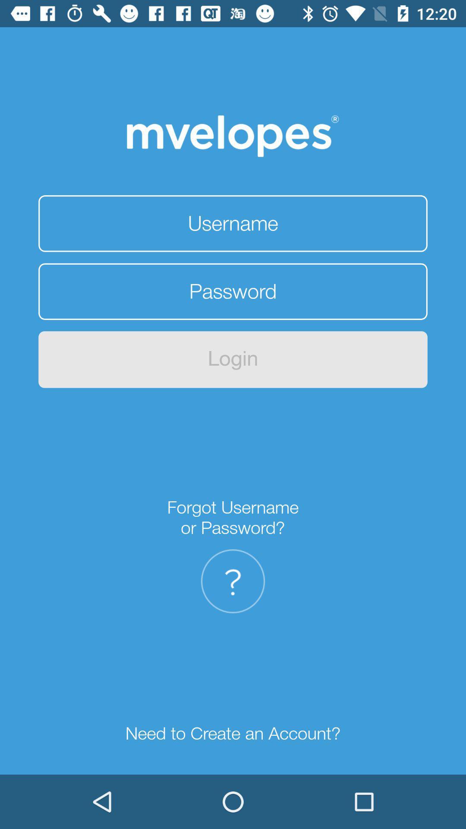 Image resolution: width=466 pixels, height=829 pixels. Describe the element at coordinates (233, 518) in the screenshot. I see `the forgot username or icon` at that location.